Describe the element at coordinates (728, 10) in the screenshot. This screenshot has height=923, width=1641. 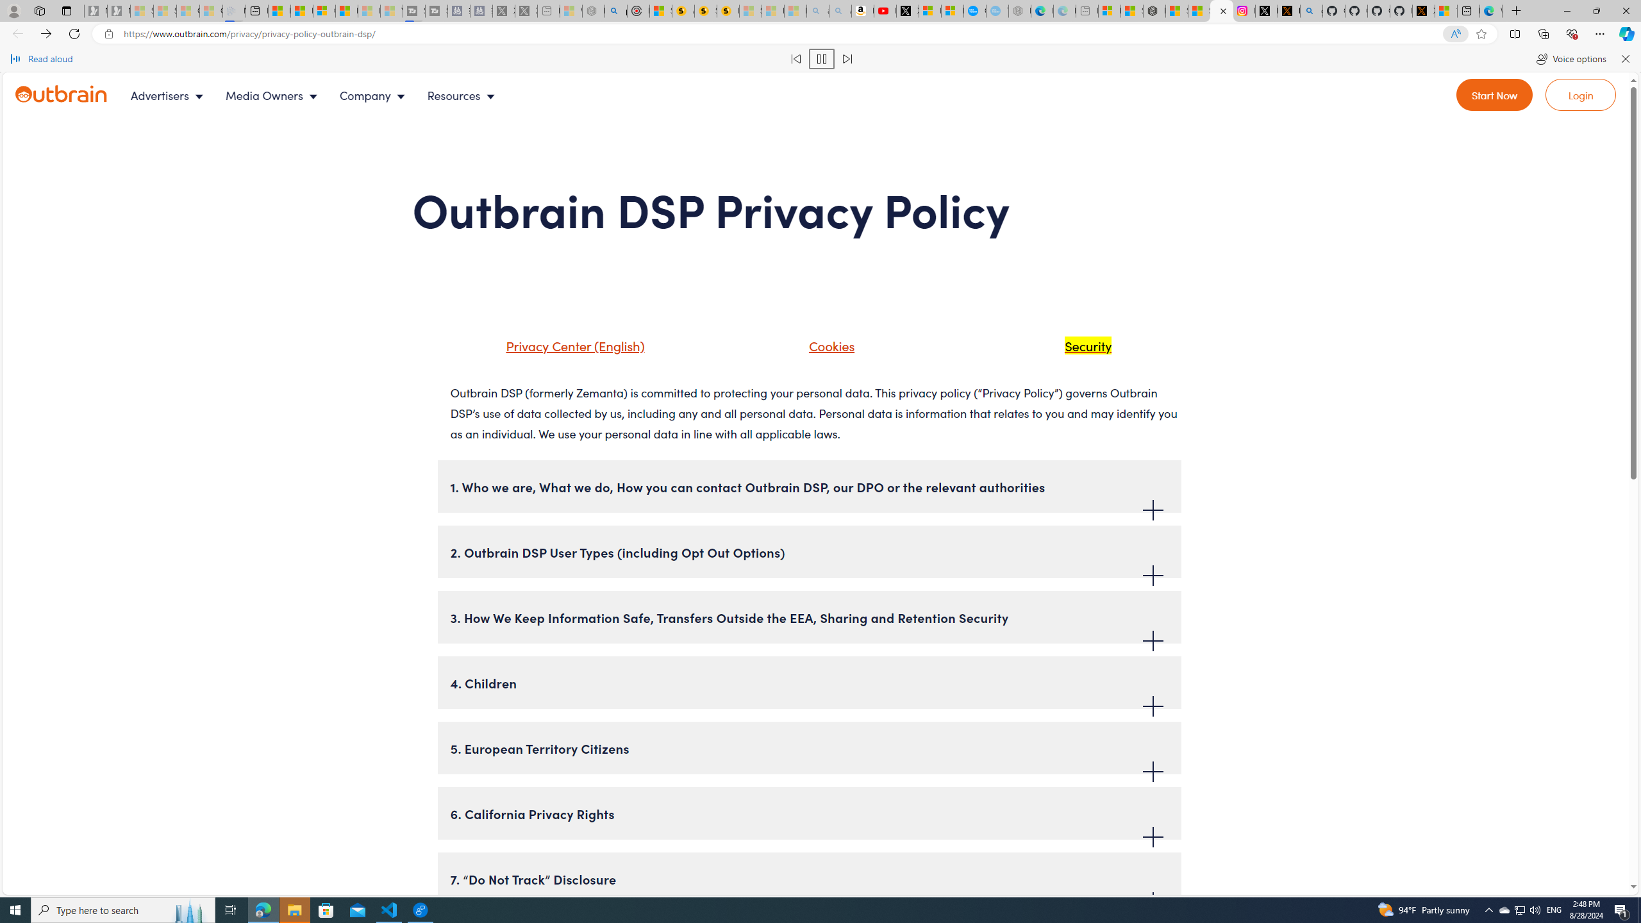
I see `'Michelle Starr, Senior Journalist at ScienceAlert'` at that location.